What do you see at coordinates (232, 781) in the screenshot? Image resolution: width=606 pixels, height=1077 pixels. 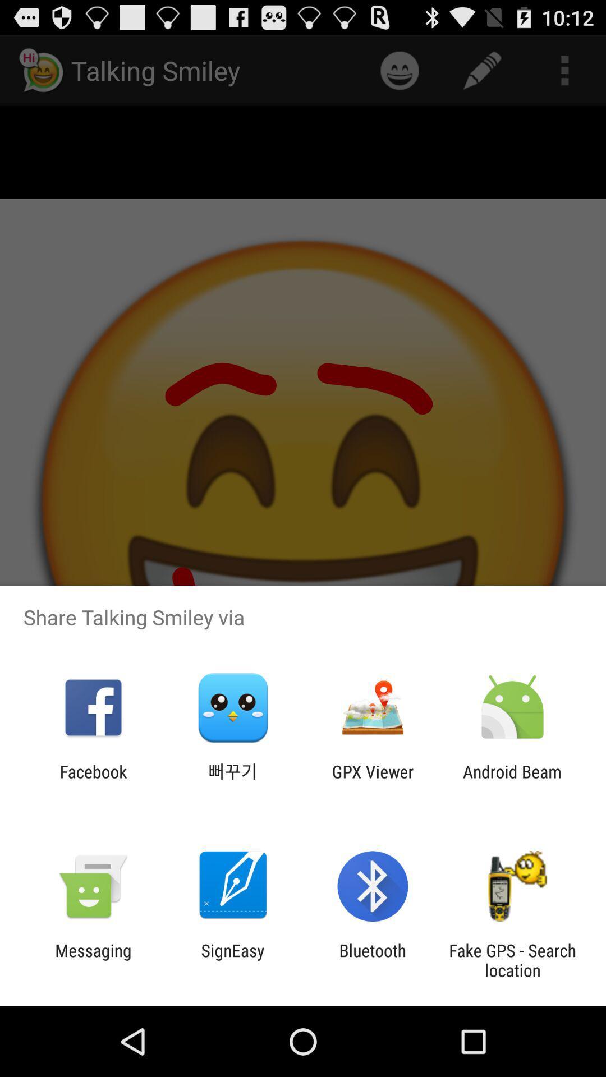 I see `app next to facebook icon` at bounding box center [232, 781].